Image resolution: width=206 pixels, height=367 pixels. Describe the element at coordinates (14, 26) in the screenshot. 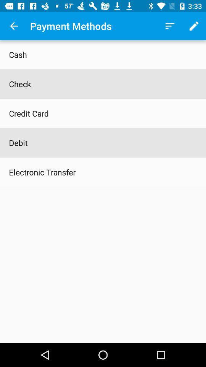

I see `the item next to the payment methods` at that location.